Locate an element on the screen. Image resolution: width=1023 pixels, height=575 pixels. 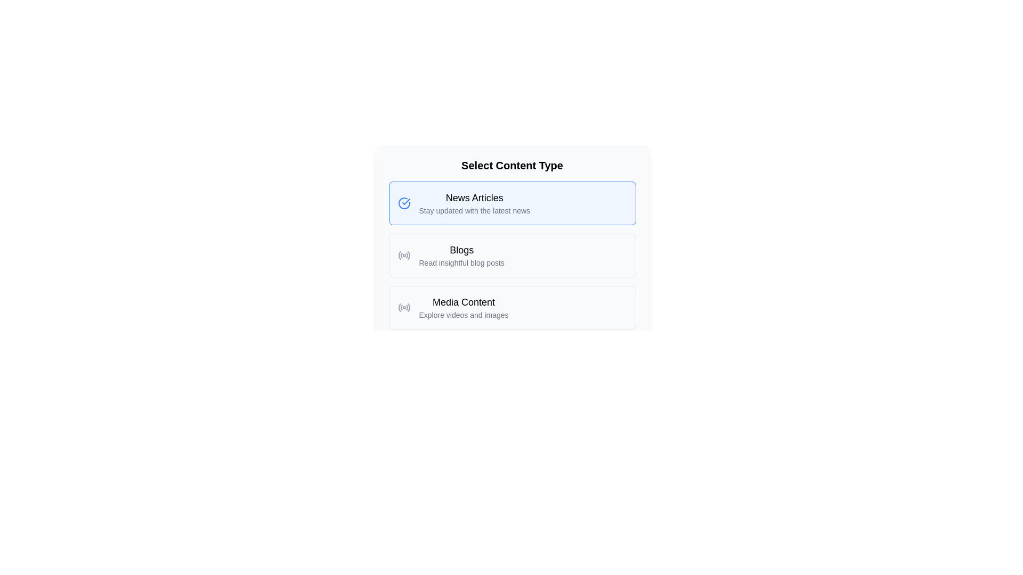
the Text Block that serves as a selectable option for navigating to the blog content section, located centrally in a card layout between the 'News Articles' and 'Media Content' cards is located at coordinates (461, 255).